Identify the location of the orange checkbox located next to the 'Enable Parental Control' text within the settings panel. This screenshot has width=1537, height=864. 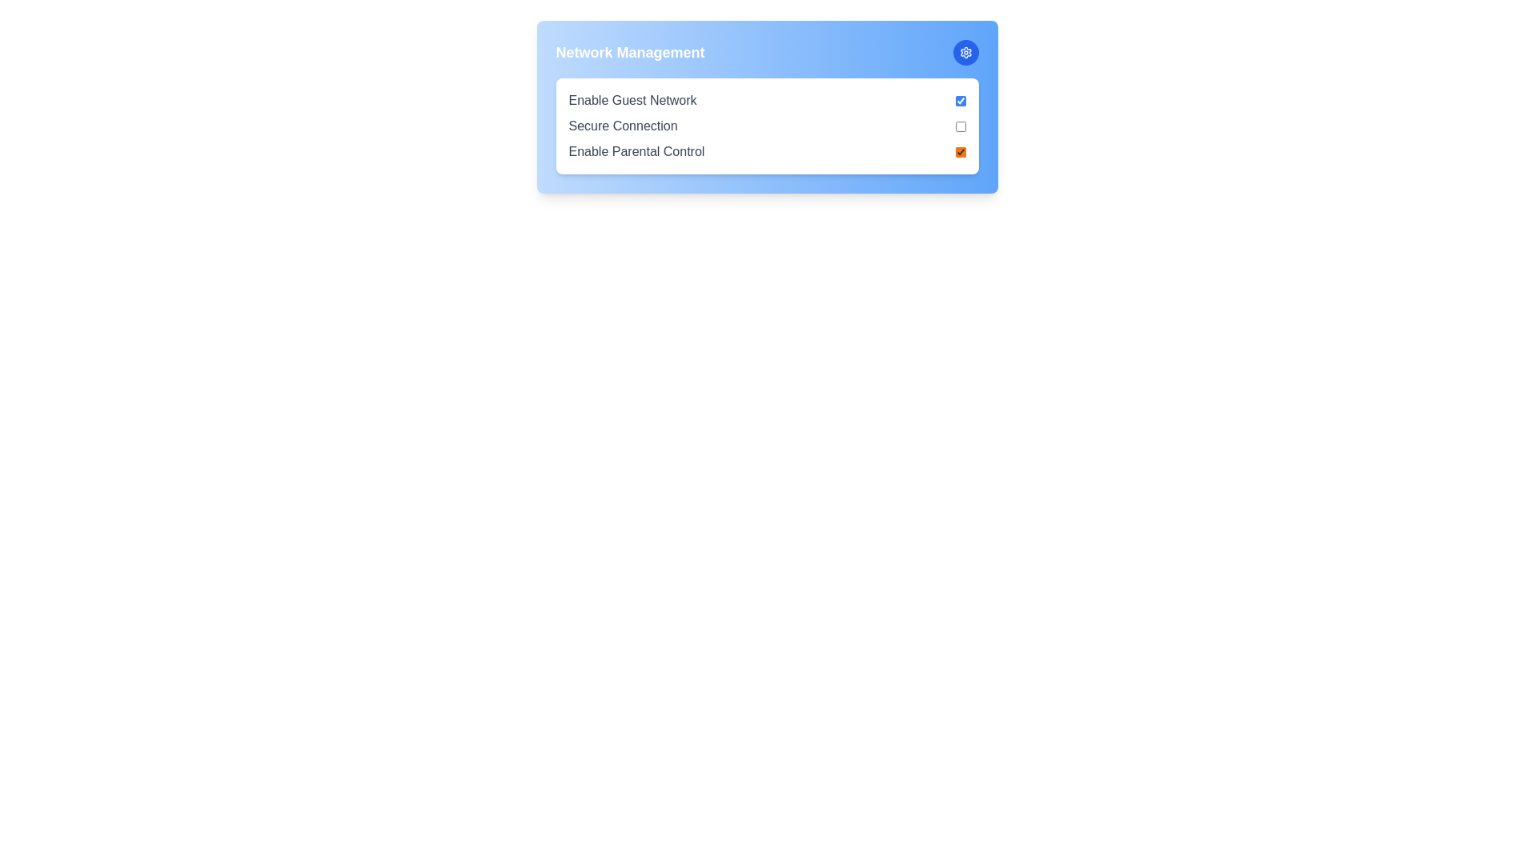
(961, 151).